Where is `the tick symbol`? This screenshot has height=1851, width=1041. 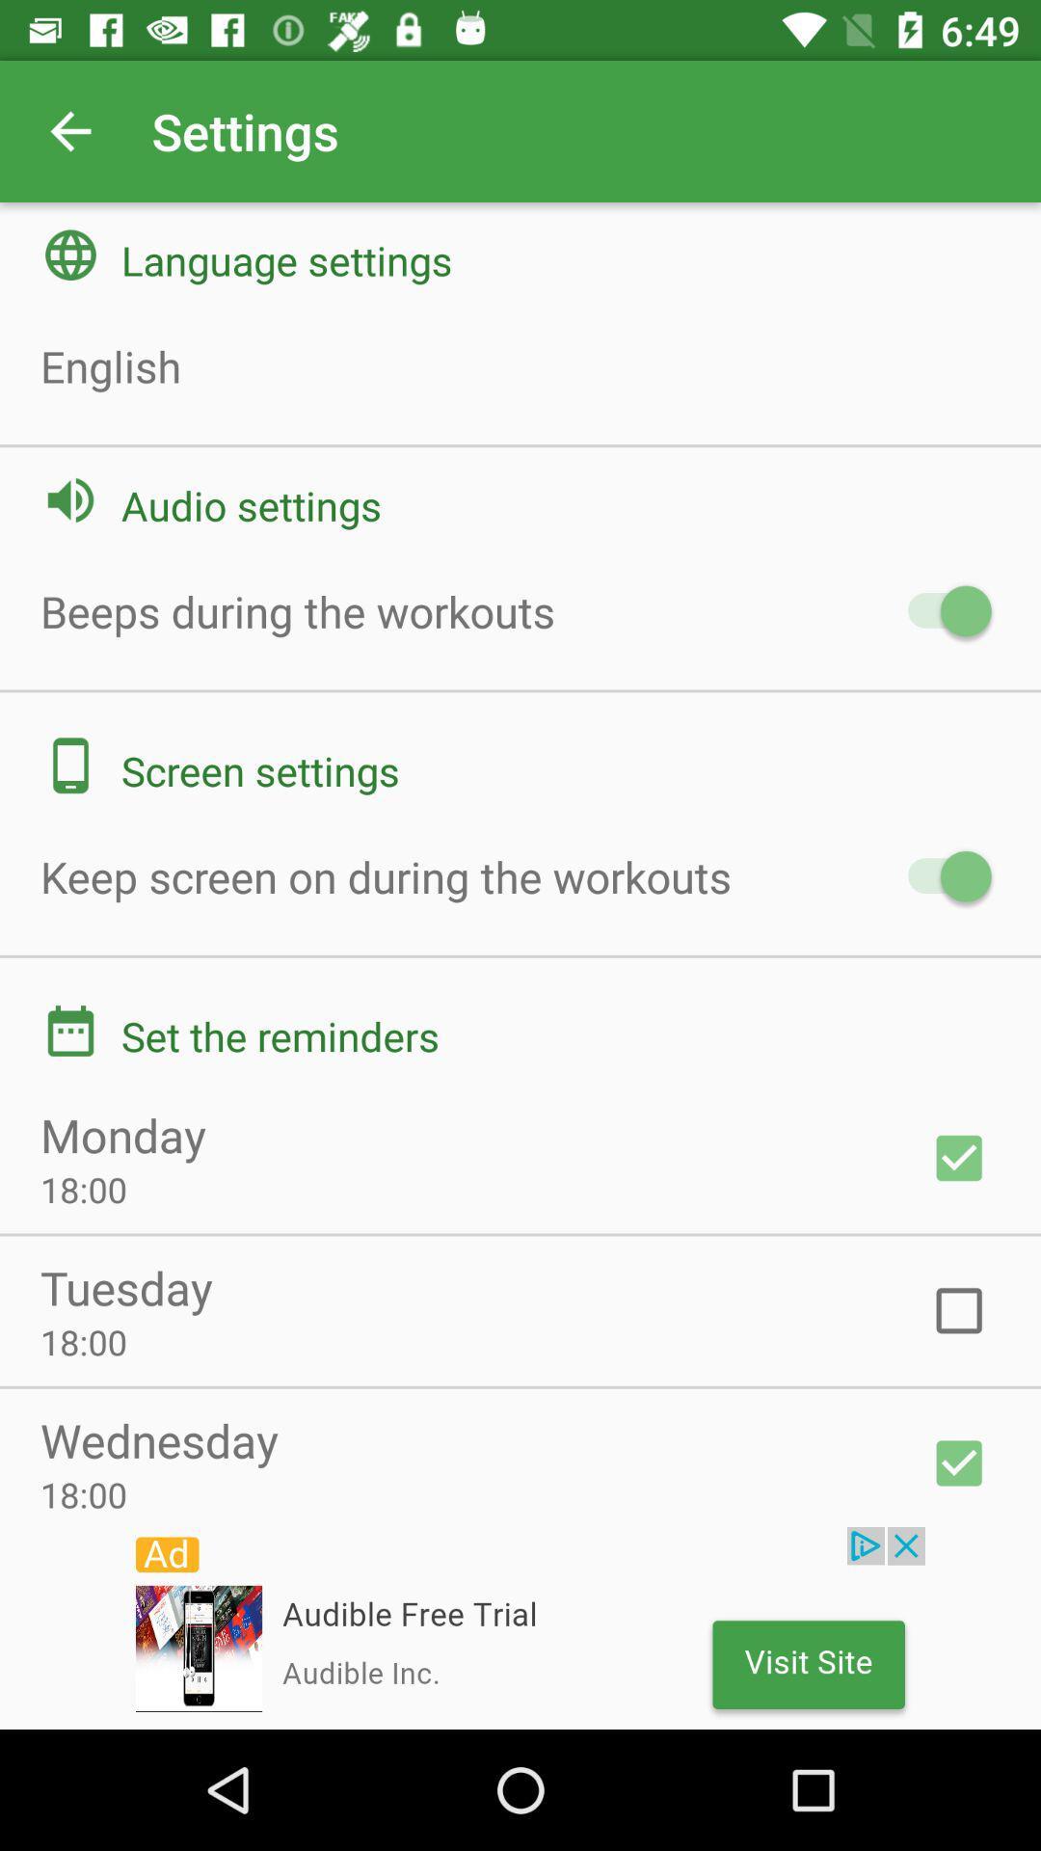 the tick symbol is located at coordinates (959, 1462).